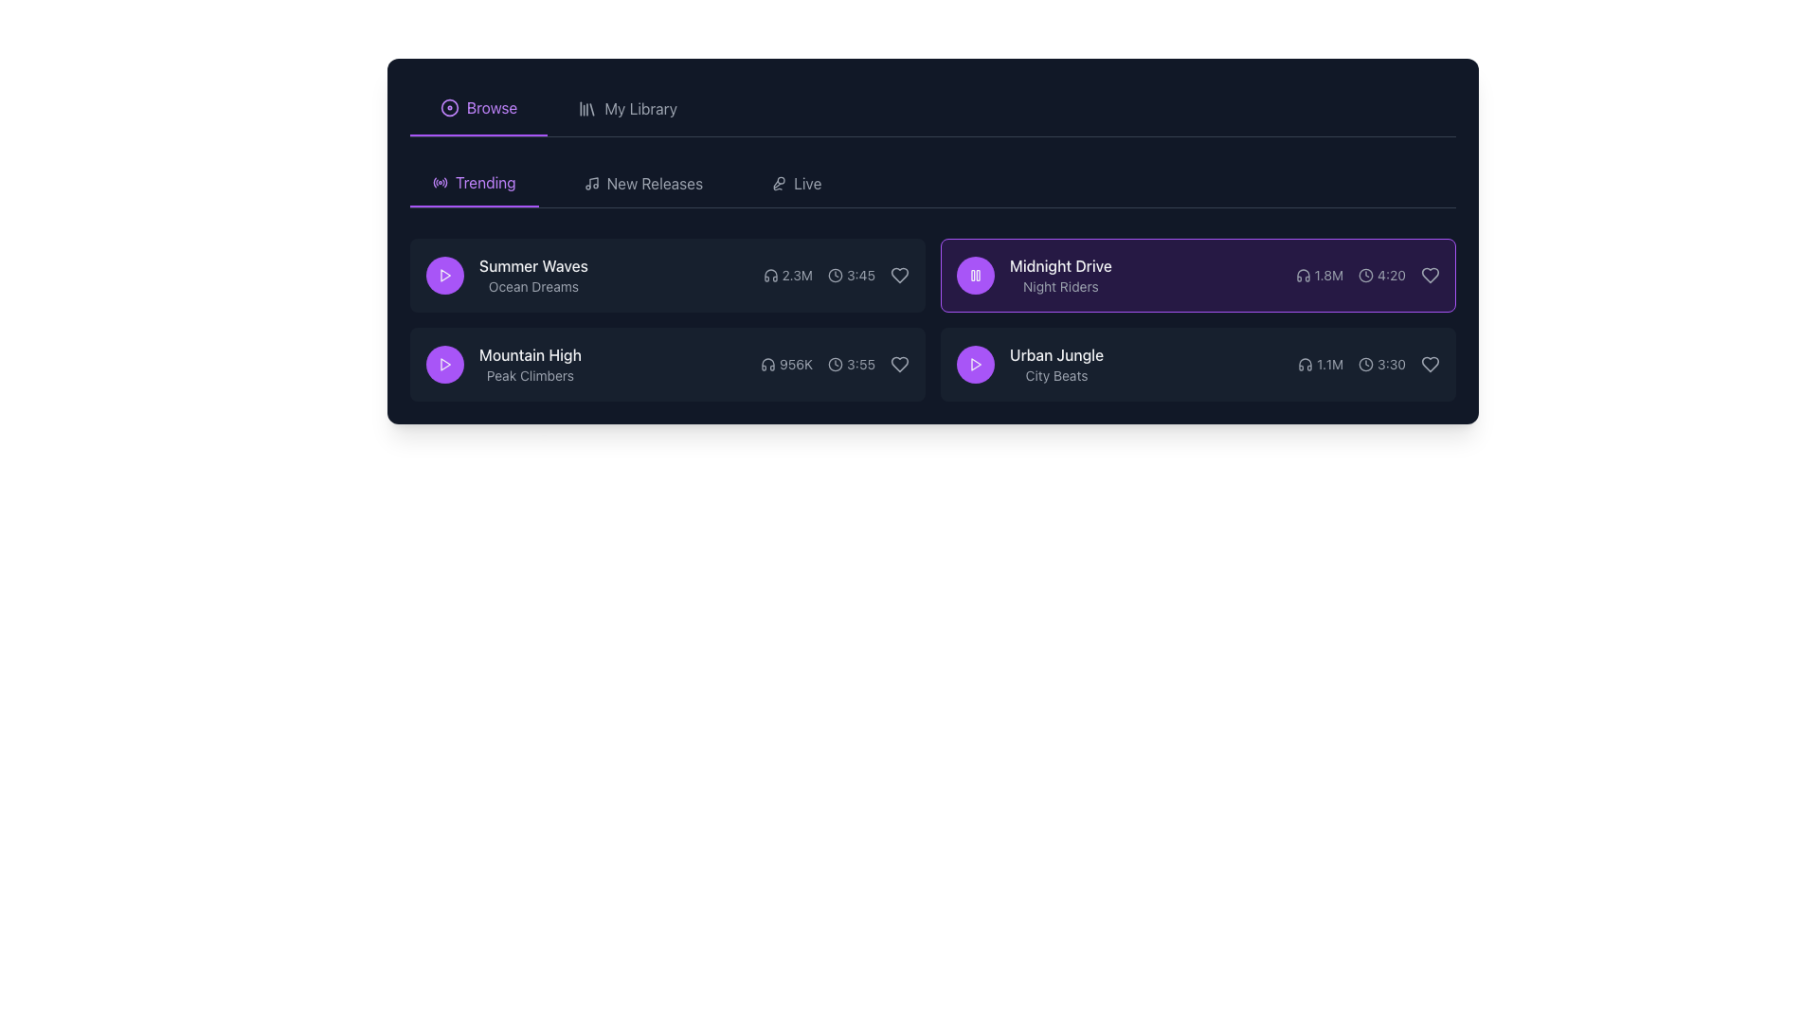  I want to click on the heart-shaped outline icon, so click(1431, 365).